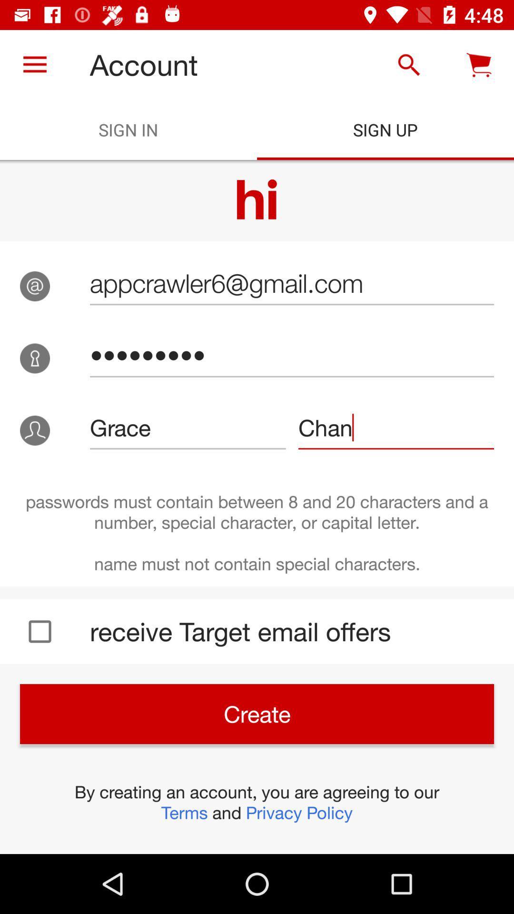 Image resolution: width=514 pixels, height=914 pixels. I want to click on by creating an icon, so click(257, 802).